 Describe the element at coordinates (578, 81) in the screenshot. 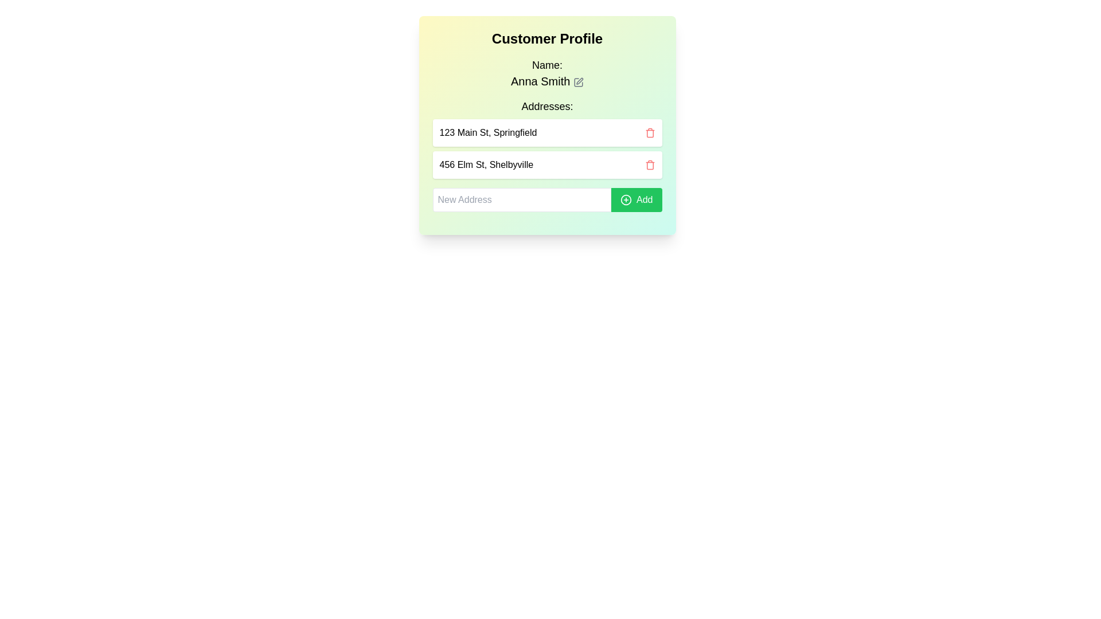

I see `the edit icon next to 'Anna Smith'` at that location.